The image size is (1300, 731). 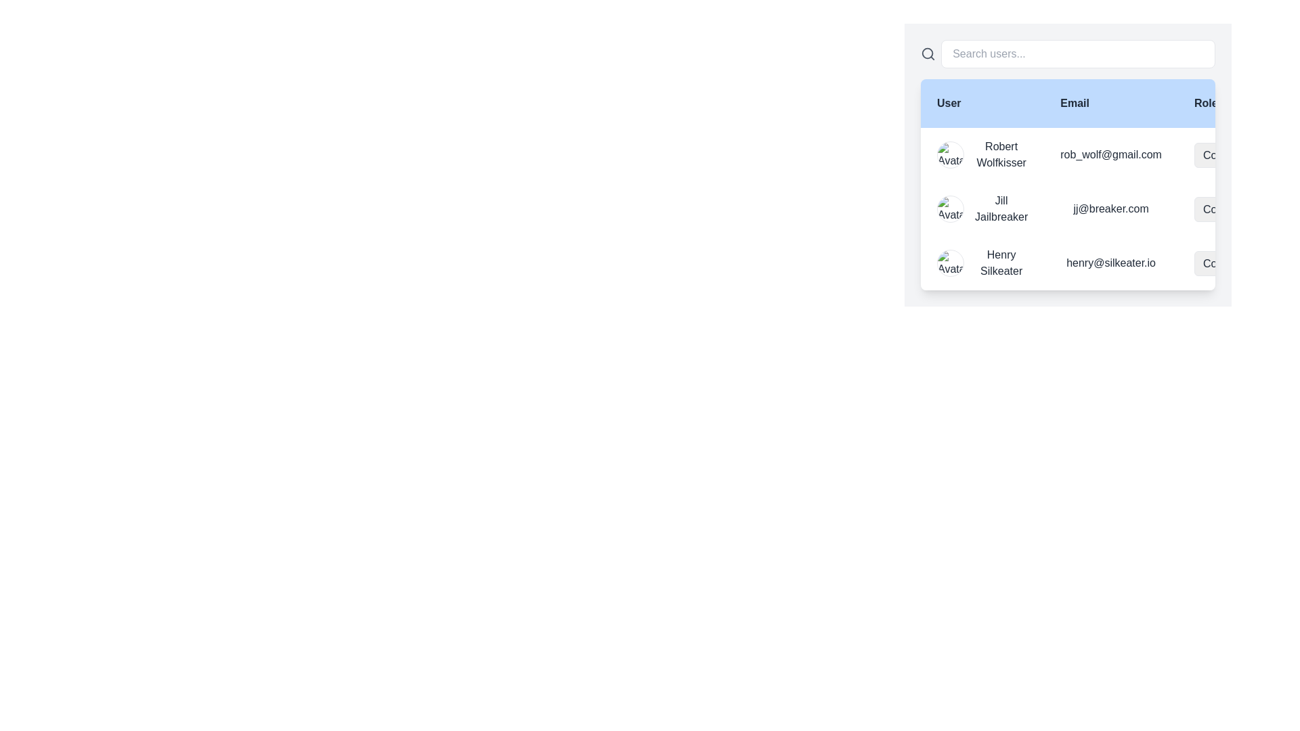 What do you see at coordinates (949, 154) in the screenshot?
I see `the avatar image representing the user 'Robert Wolfkisser' located in the 'User' column of the table` at bounding box center [949, 154].